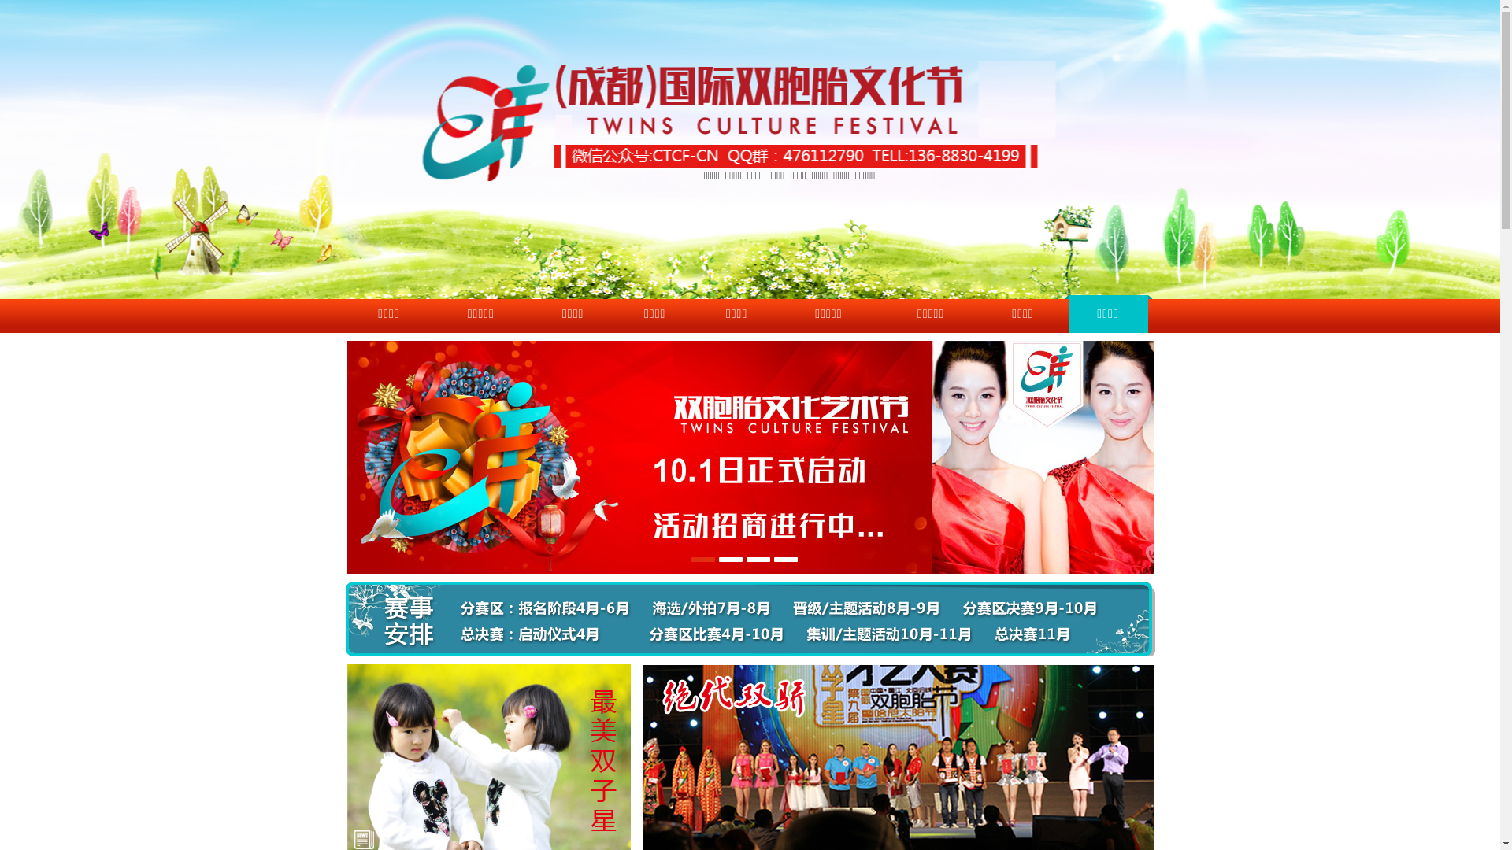 The width and height of the screenshot is (1512, 850). I want to click on '2', so click(729, 558).